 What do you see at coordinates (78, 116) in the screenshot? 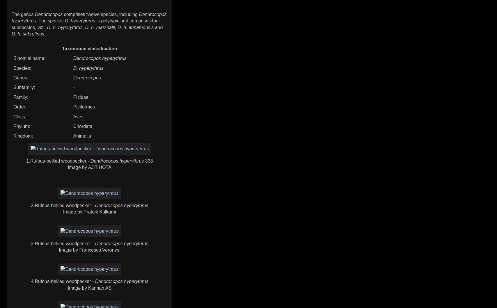
I see `'Aves'` at bounding box center [78, 116].